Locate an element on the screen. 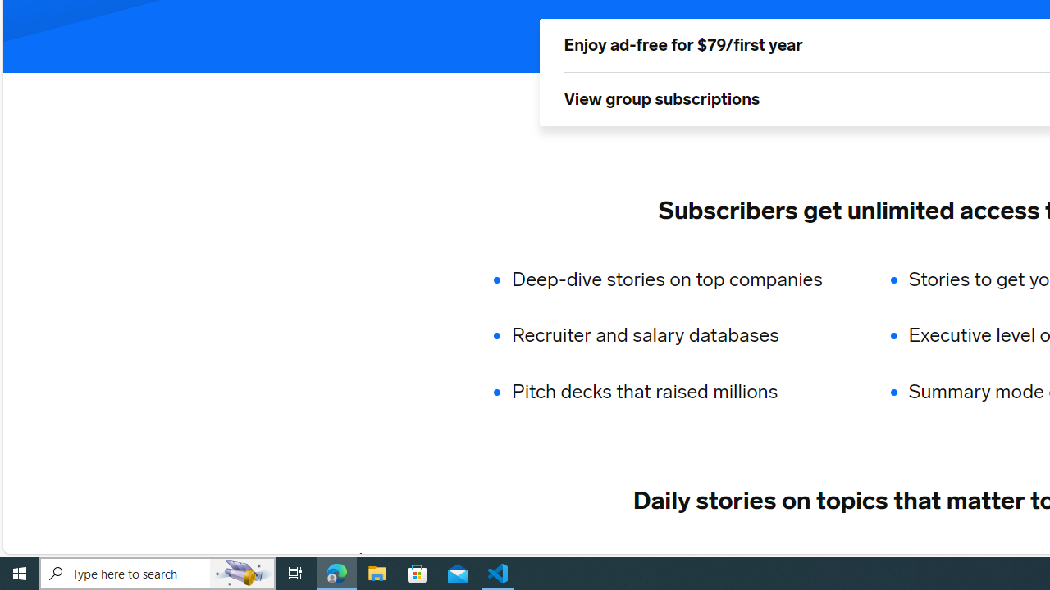 The image size is (1050, 590). 'Pitch decks that raised millions' is located at coordinates (678, 392).